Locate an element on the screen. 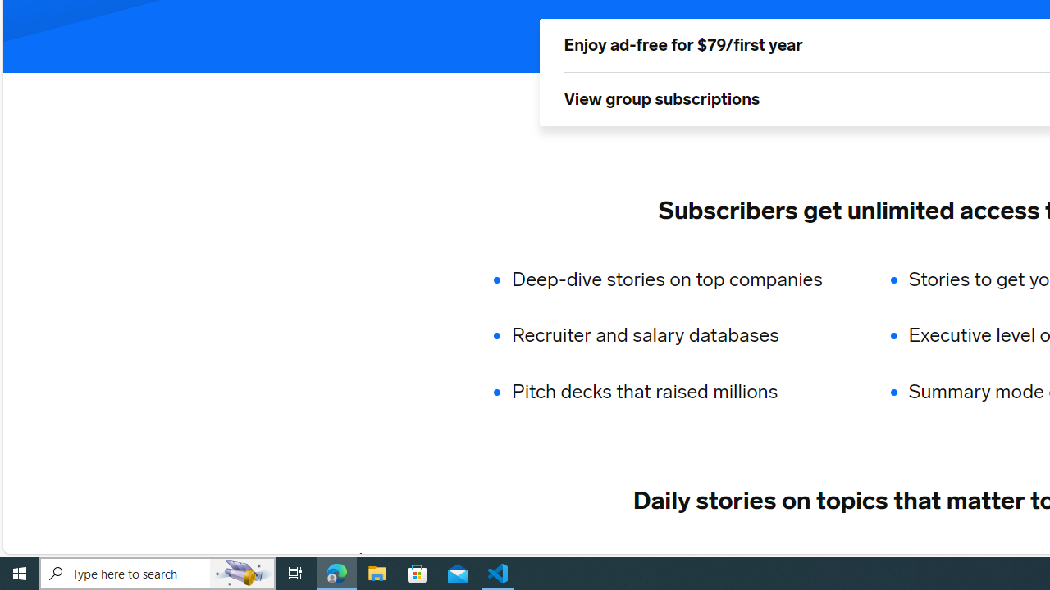 The image size is (1050, 590). 'Pitch decks that raised millions' is located at coordinates (678, 392).